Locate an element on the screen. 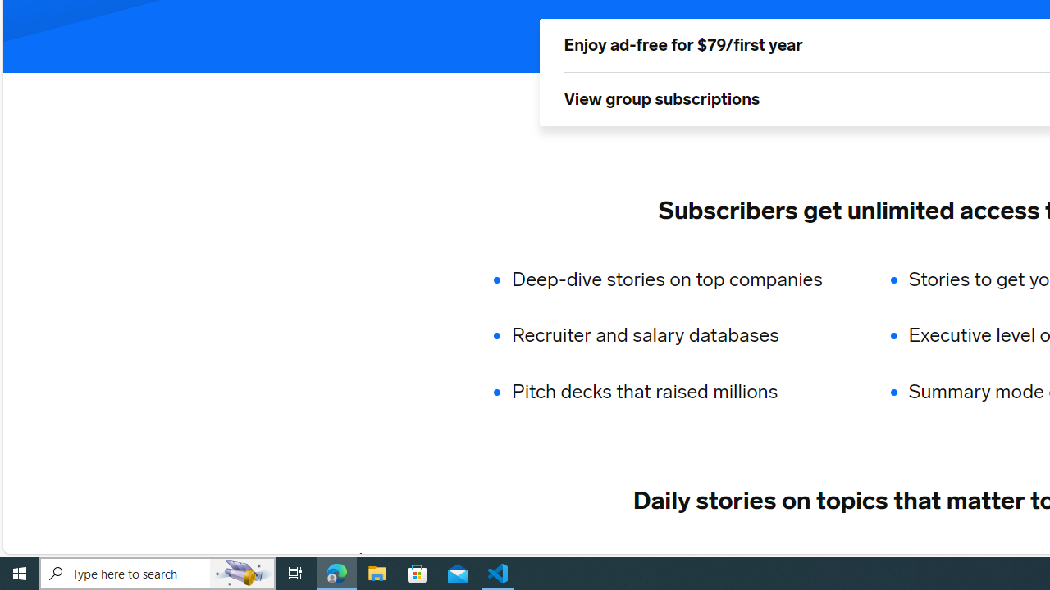 The image size is (1050, 590). 'Pitch decks that raised millions' is located at coordinates (678, 392).